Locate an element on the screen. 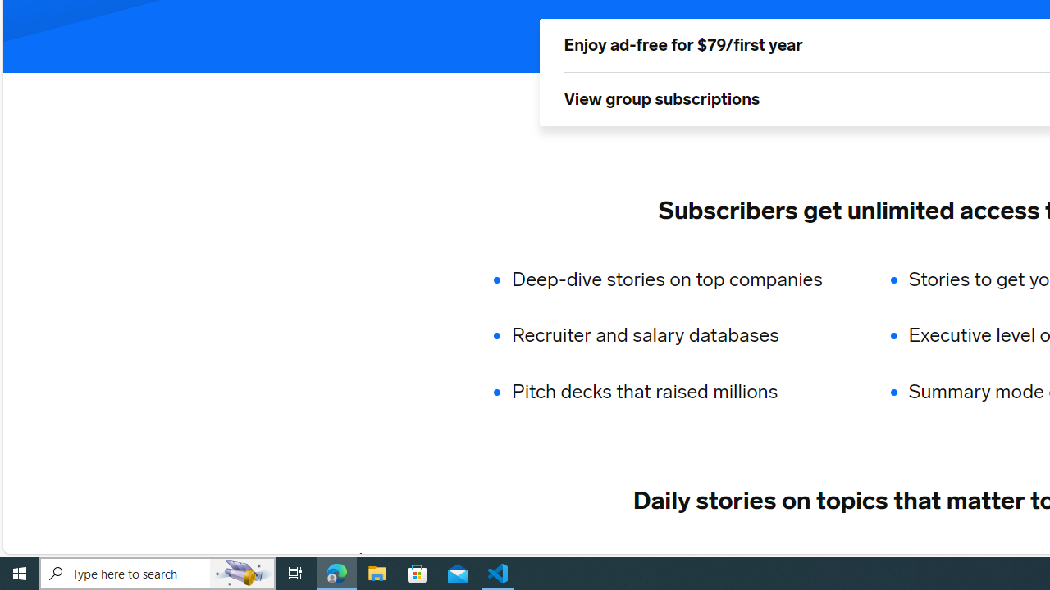 The image size is (1050, 590). 'Pitch decks that raised millions' is located at coordinates (678, 392).